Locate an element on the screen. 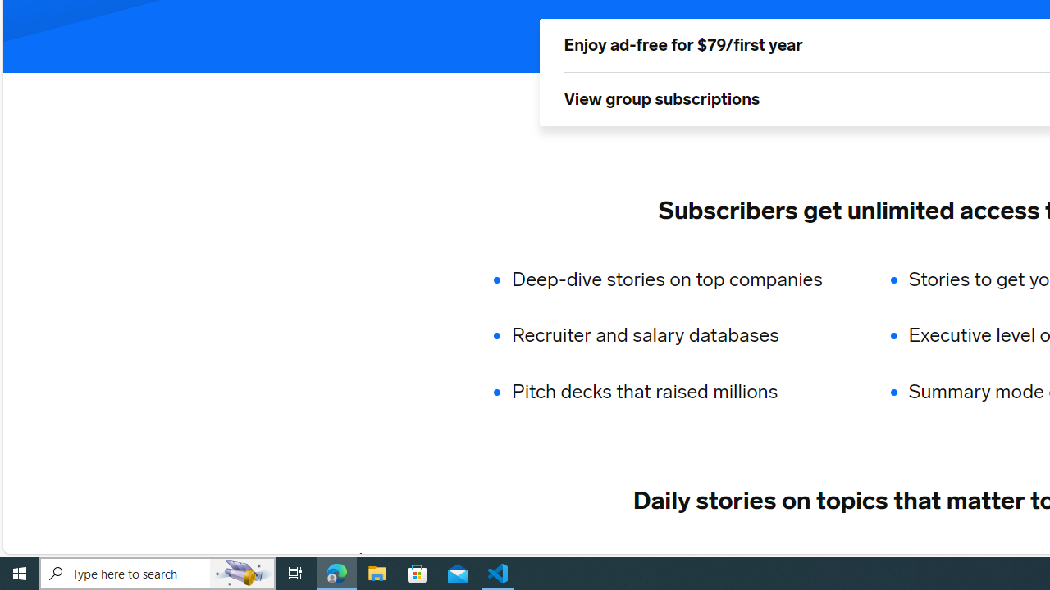 The image size is (1050, 590). 'Pitch decks that raised millions' is located at coordinates (678, 392).